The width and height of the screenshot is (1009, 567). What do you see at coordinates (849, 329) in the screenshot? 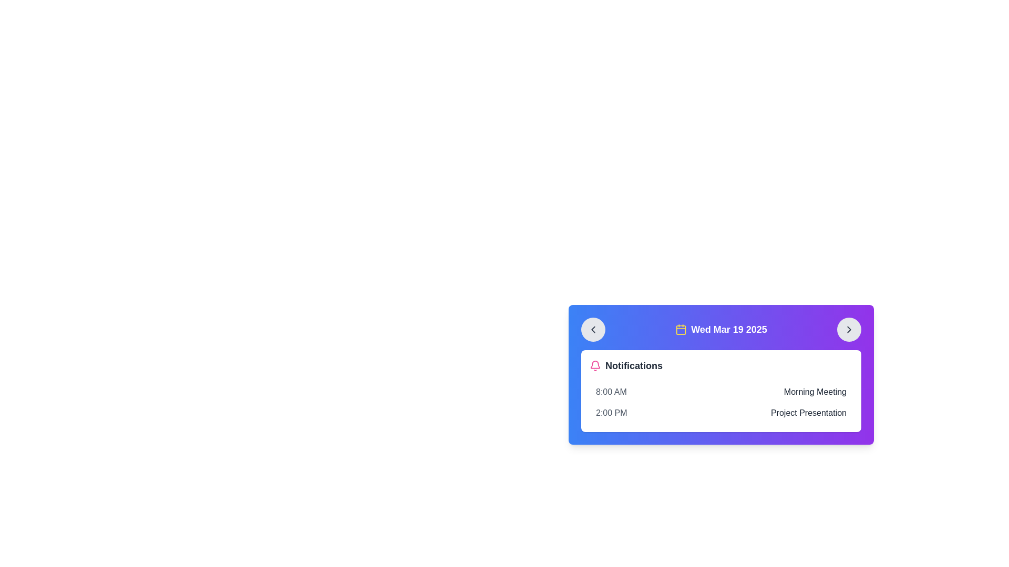
I see `the circular button with a light gray background and a right-pointing chevron icon, located to the right of the date display 'Wed Mar 19 2025'` at bounding box center [849, 329].